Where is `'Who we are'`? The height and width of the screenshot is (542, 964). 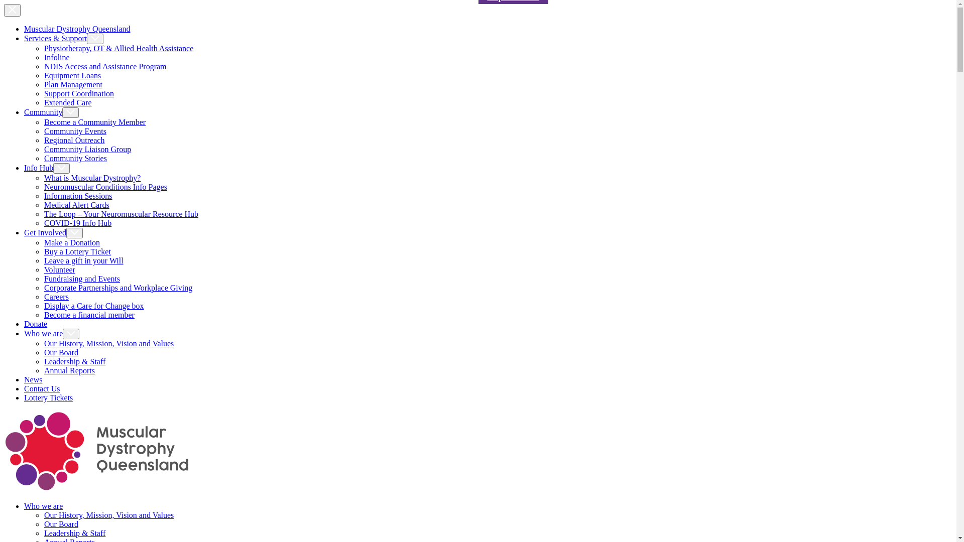
'Who we are' is located at coordinates (51, 333).